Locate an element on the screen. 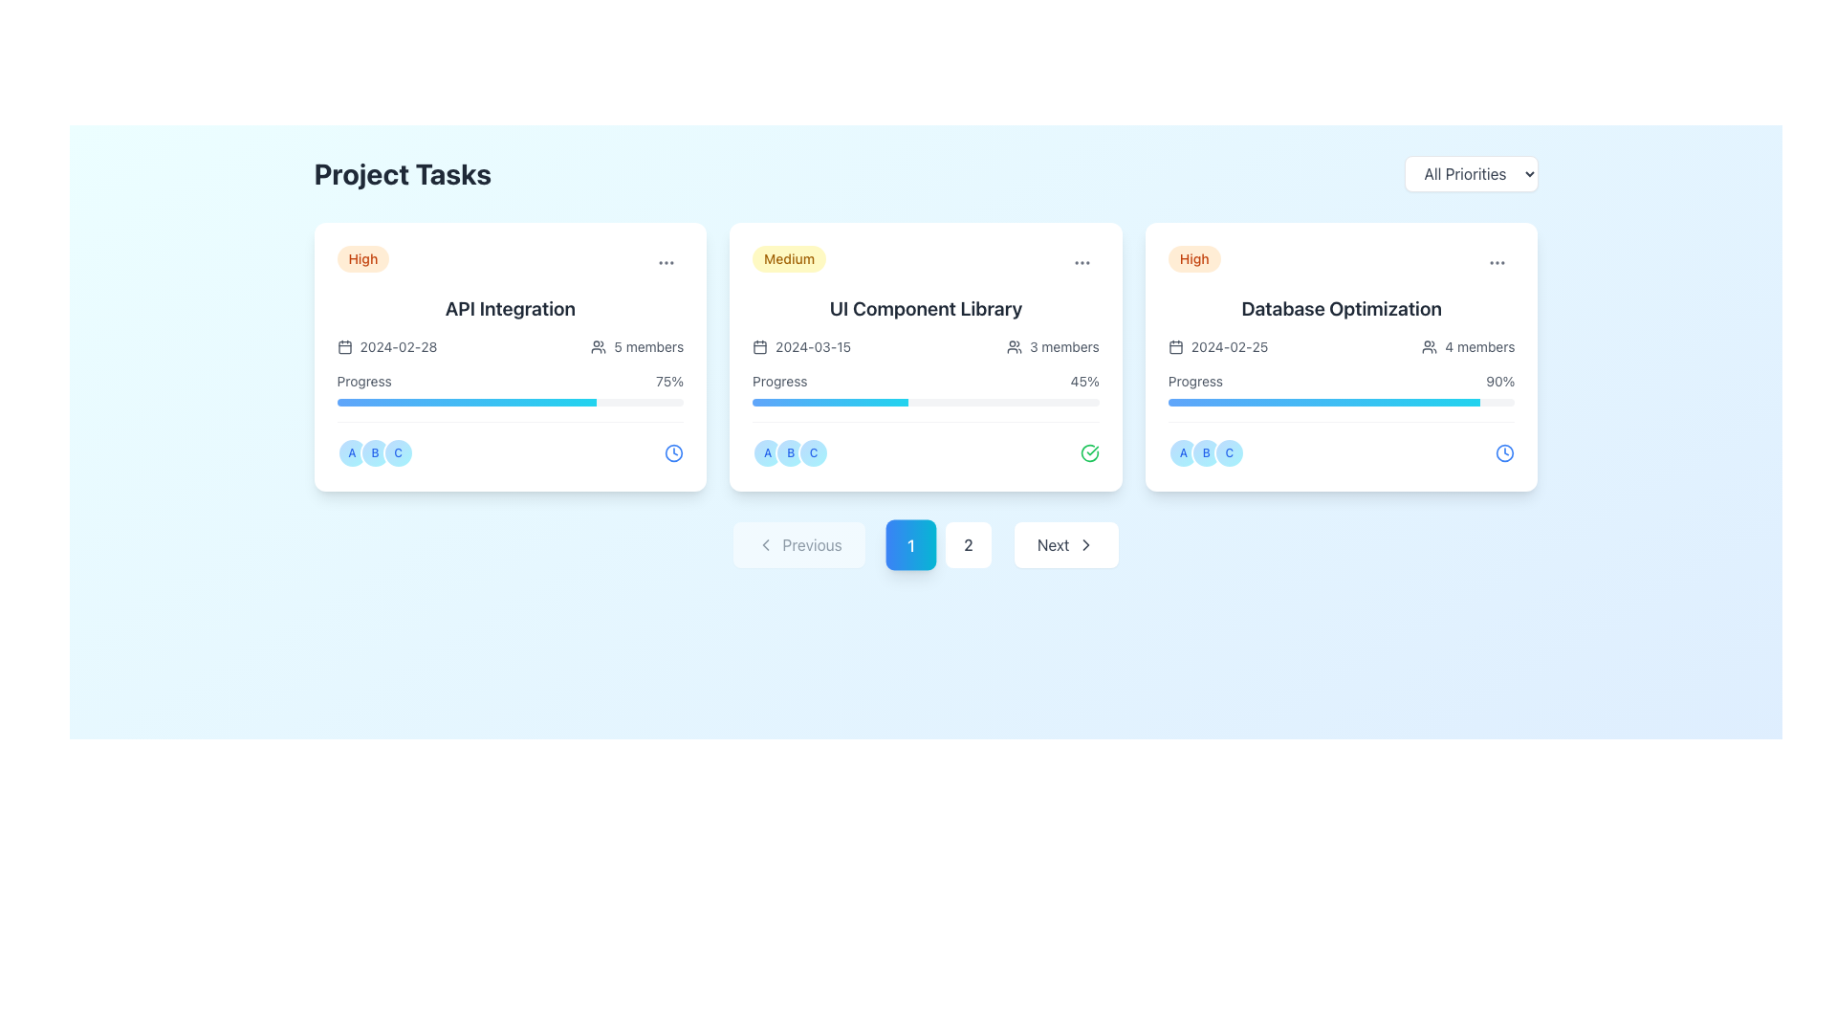 The height and width of the screenshot is (1033, 1836). the circular badge with the letter 'B' inside, which is the second badge in a horizontal arrangement of three badges labeled 'A', 'B', and 'C', located on the lower section of the card labeled 'API Integration' is located at coordinates (375, 453).